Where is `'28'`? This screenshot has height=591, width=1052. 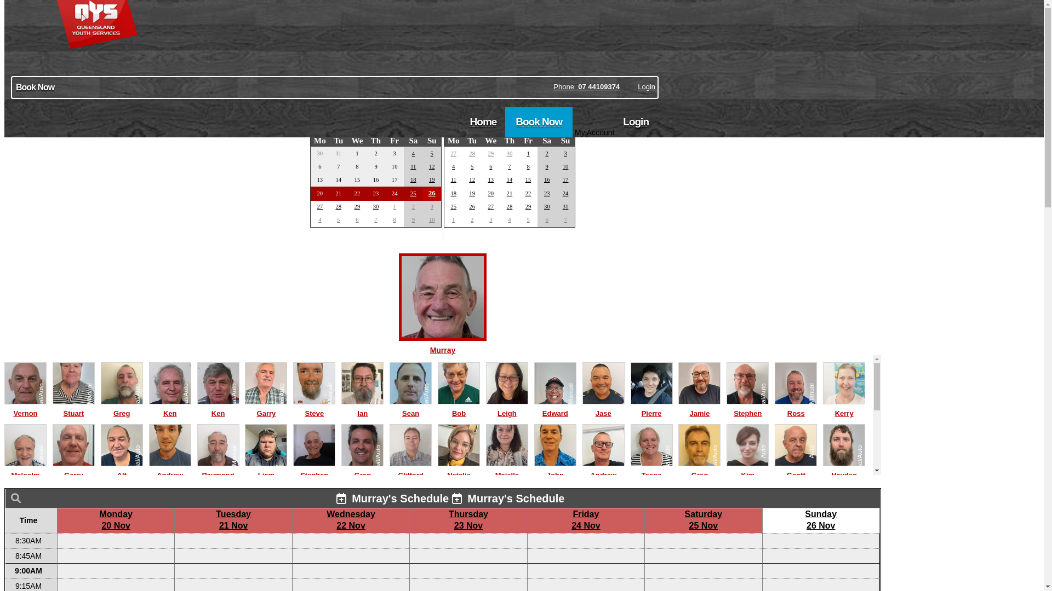
'28' is located at coordinates (509, 206).